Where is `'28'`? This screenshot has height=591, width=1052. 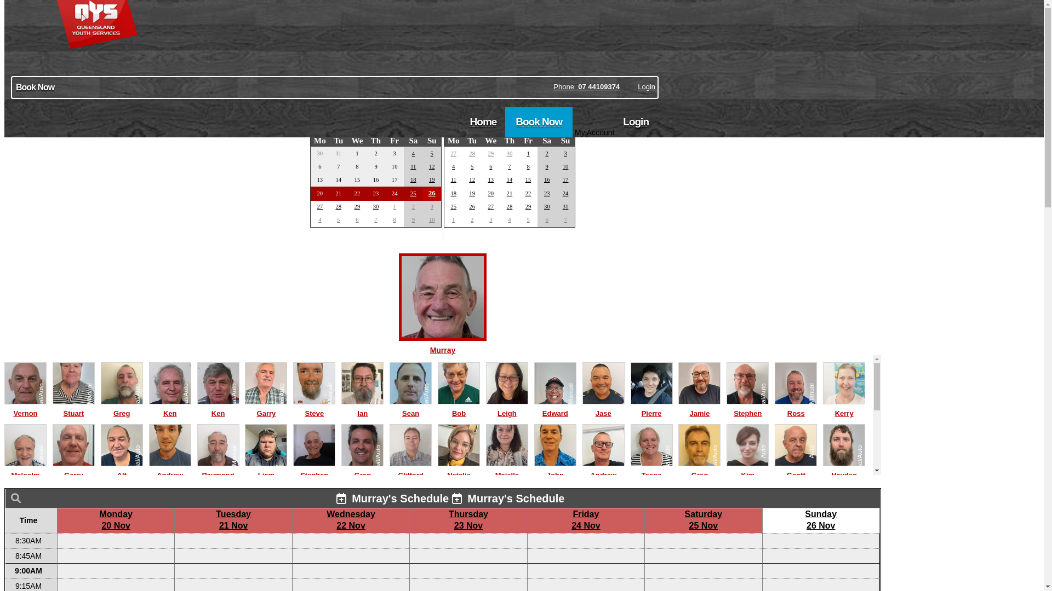
'28' is located at coordinates (509, 206).